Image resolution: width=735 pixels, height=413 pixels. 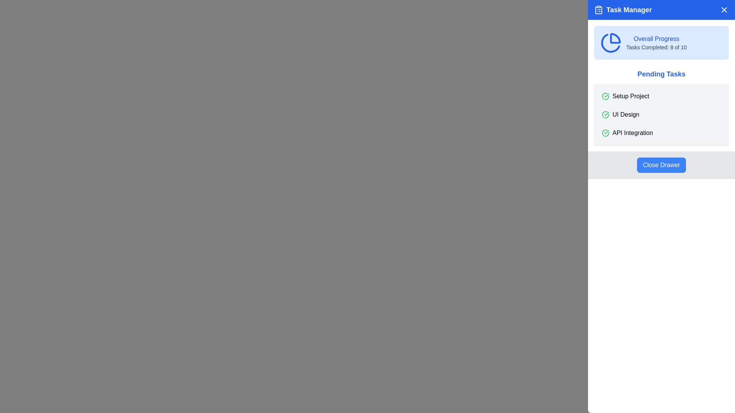 What do you see at coordinates (724, 10) in the screenshot?
I see `the circular 'X' icon styled as a close button located in the top-right corner of the 'Task Manager' header` at bounding box center [724, 10].